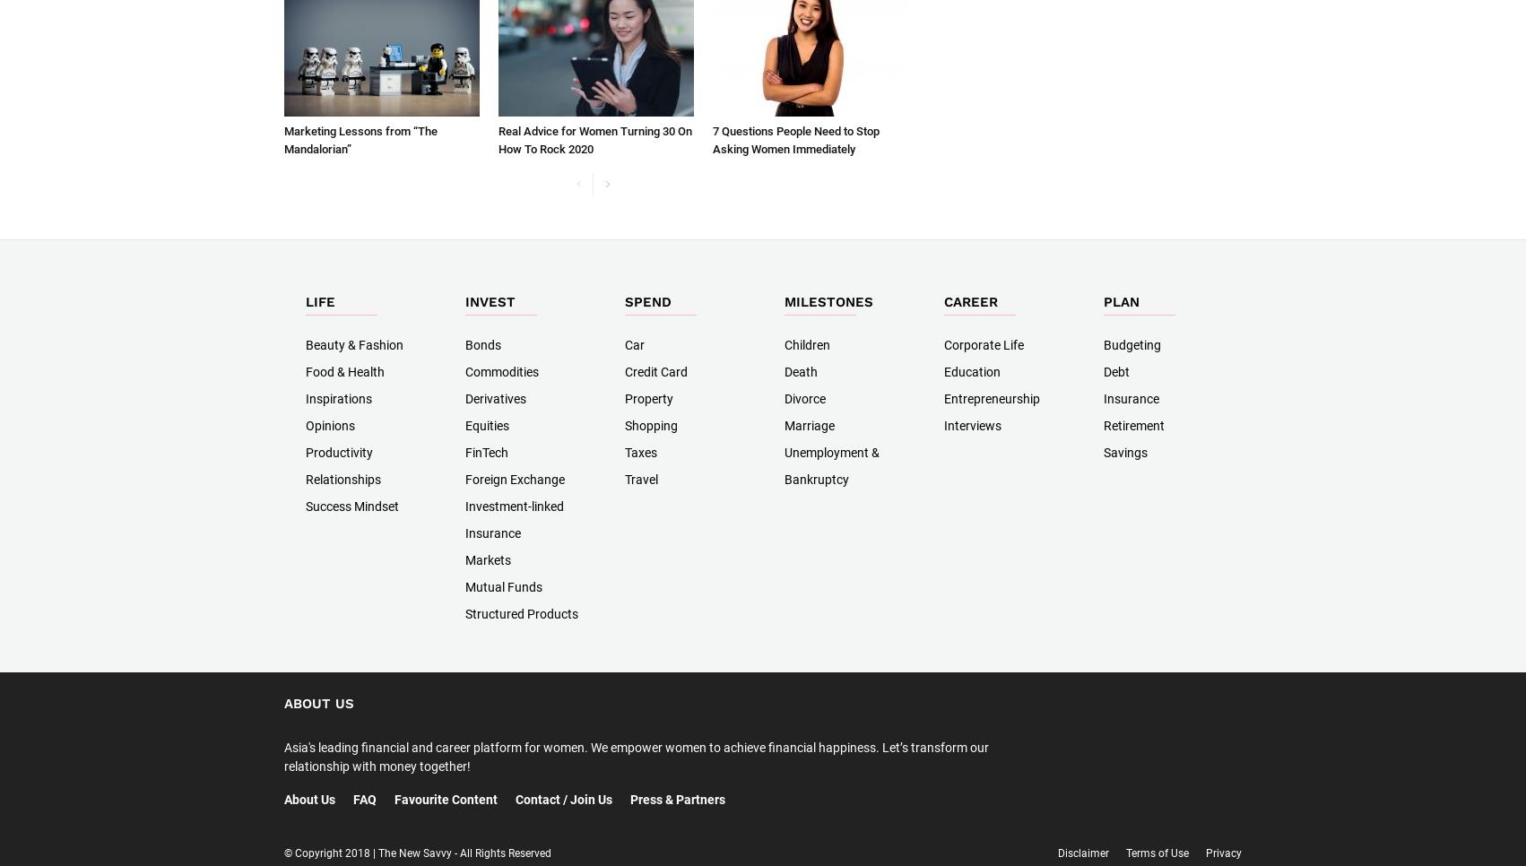 This screenshot has width=1526, height=866. What do you see at coordinates (339, 398) in the screenshot?
I see `'Inspirations'` at bounding box center [339, 398].